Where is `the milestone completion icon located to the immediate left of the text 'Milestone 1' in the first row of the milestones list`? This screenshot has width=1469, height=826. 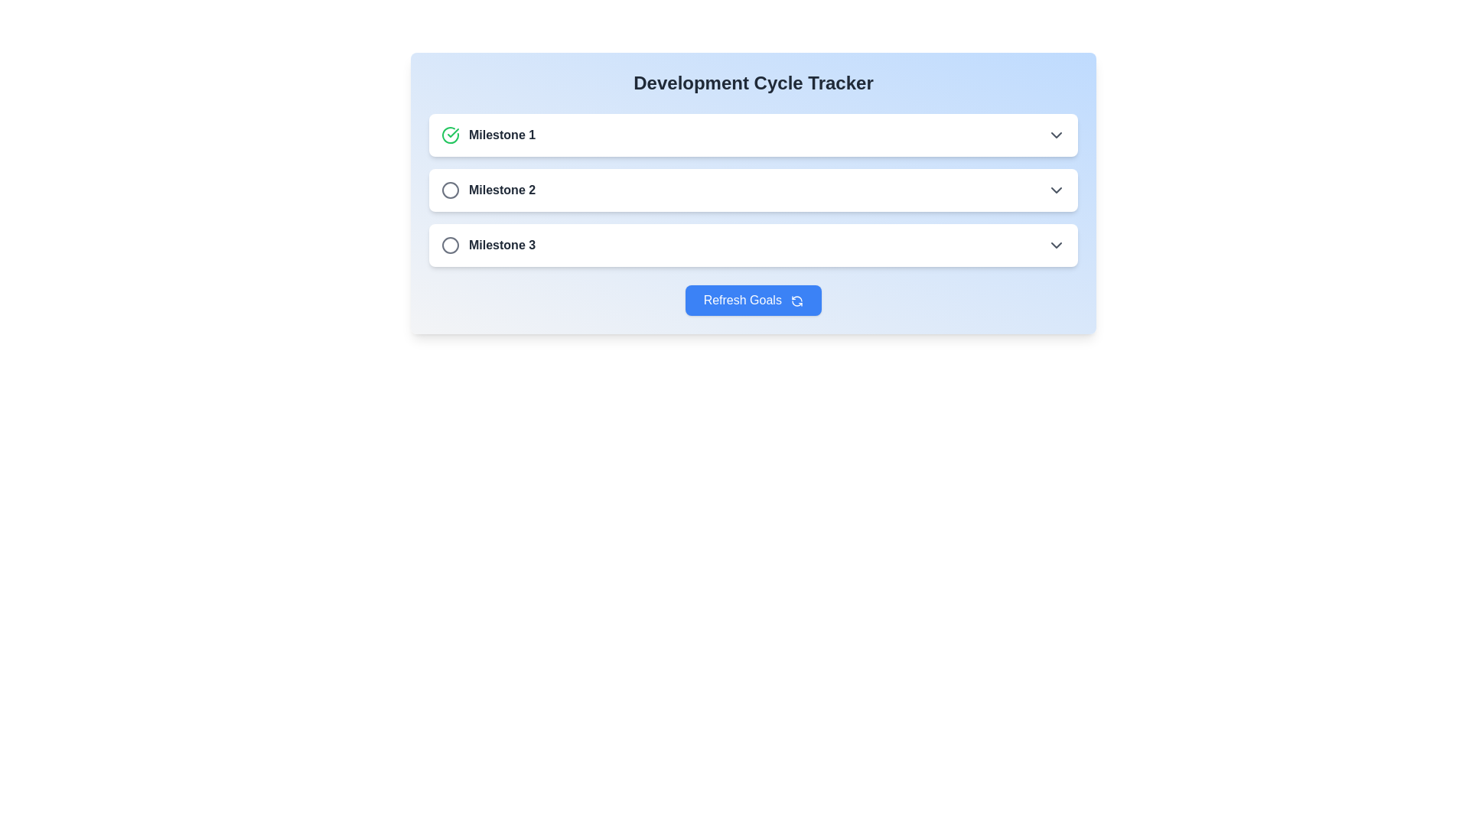 the milestone completion icon located to the immediate left of the text 'Milestone 1' in the first row of the milestones list is located at coordinates (450, 135).